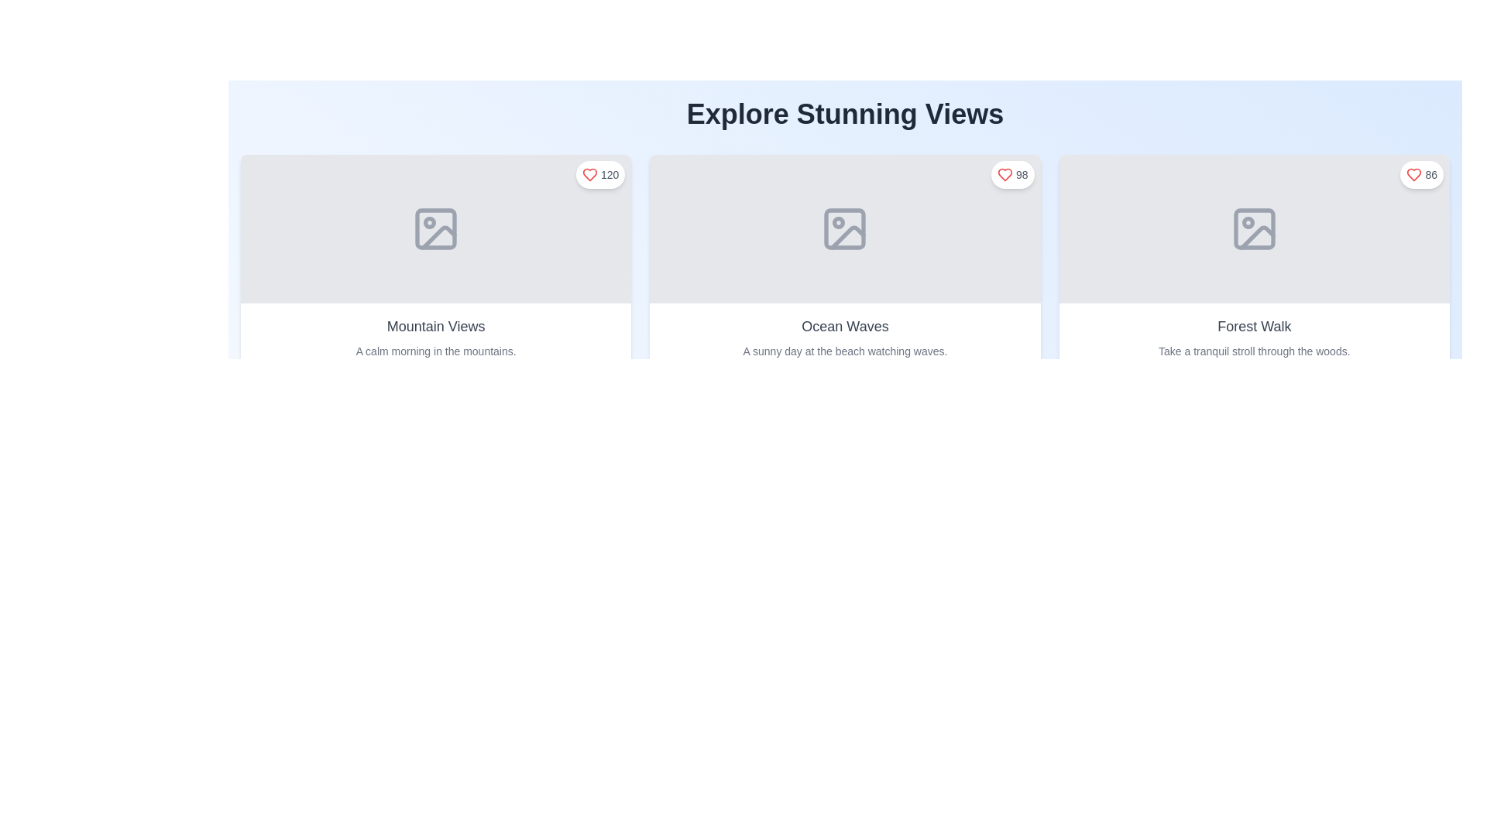 This screenshot has width=1487, height=836. What do you see at coordinates (609, 174) in the screenshot?
I see `the static text element displaying the number '120', located in the top-right corner of the first card, to the right of the red heart icon` at bounding box center [609, 174].